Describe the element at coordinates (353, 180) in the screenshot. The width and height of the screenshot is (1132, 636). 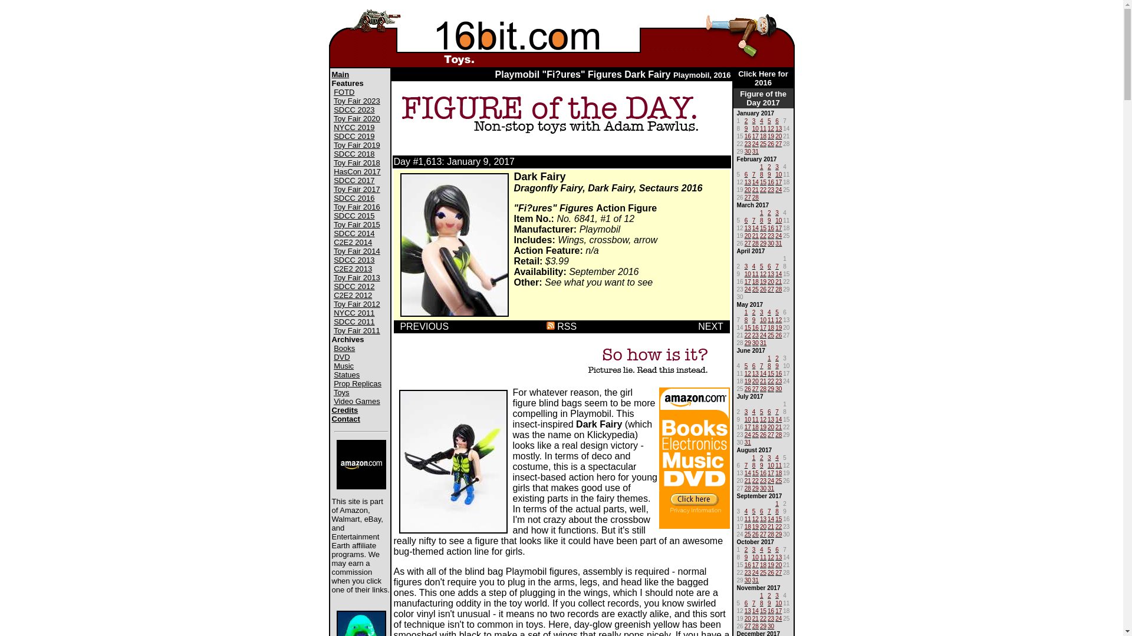
I see `'SDCC 2017'` at that location.